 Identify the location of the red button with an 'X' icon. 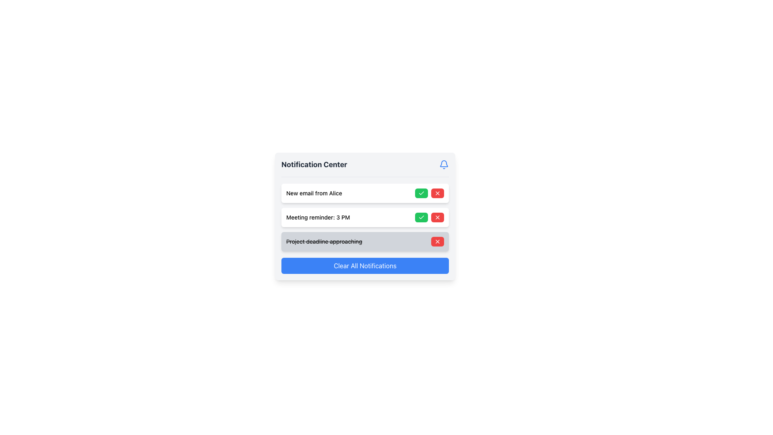
(429, 193).